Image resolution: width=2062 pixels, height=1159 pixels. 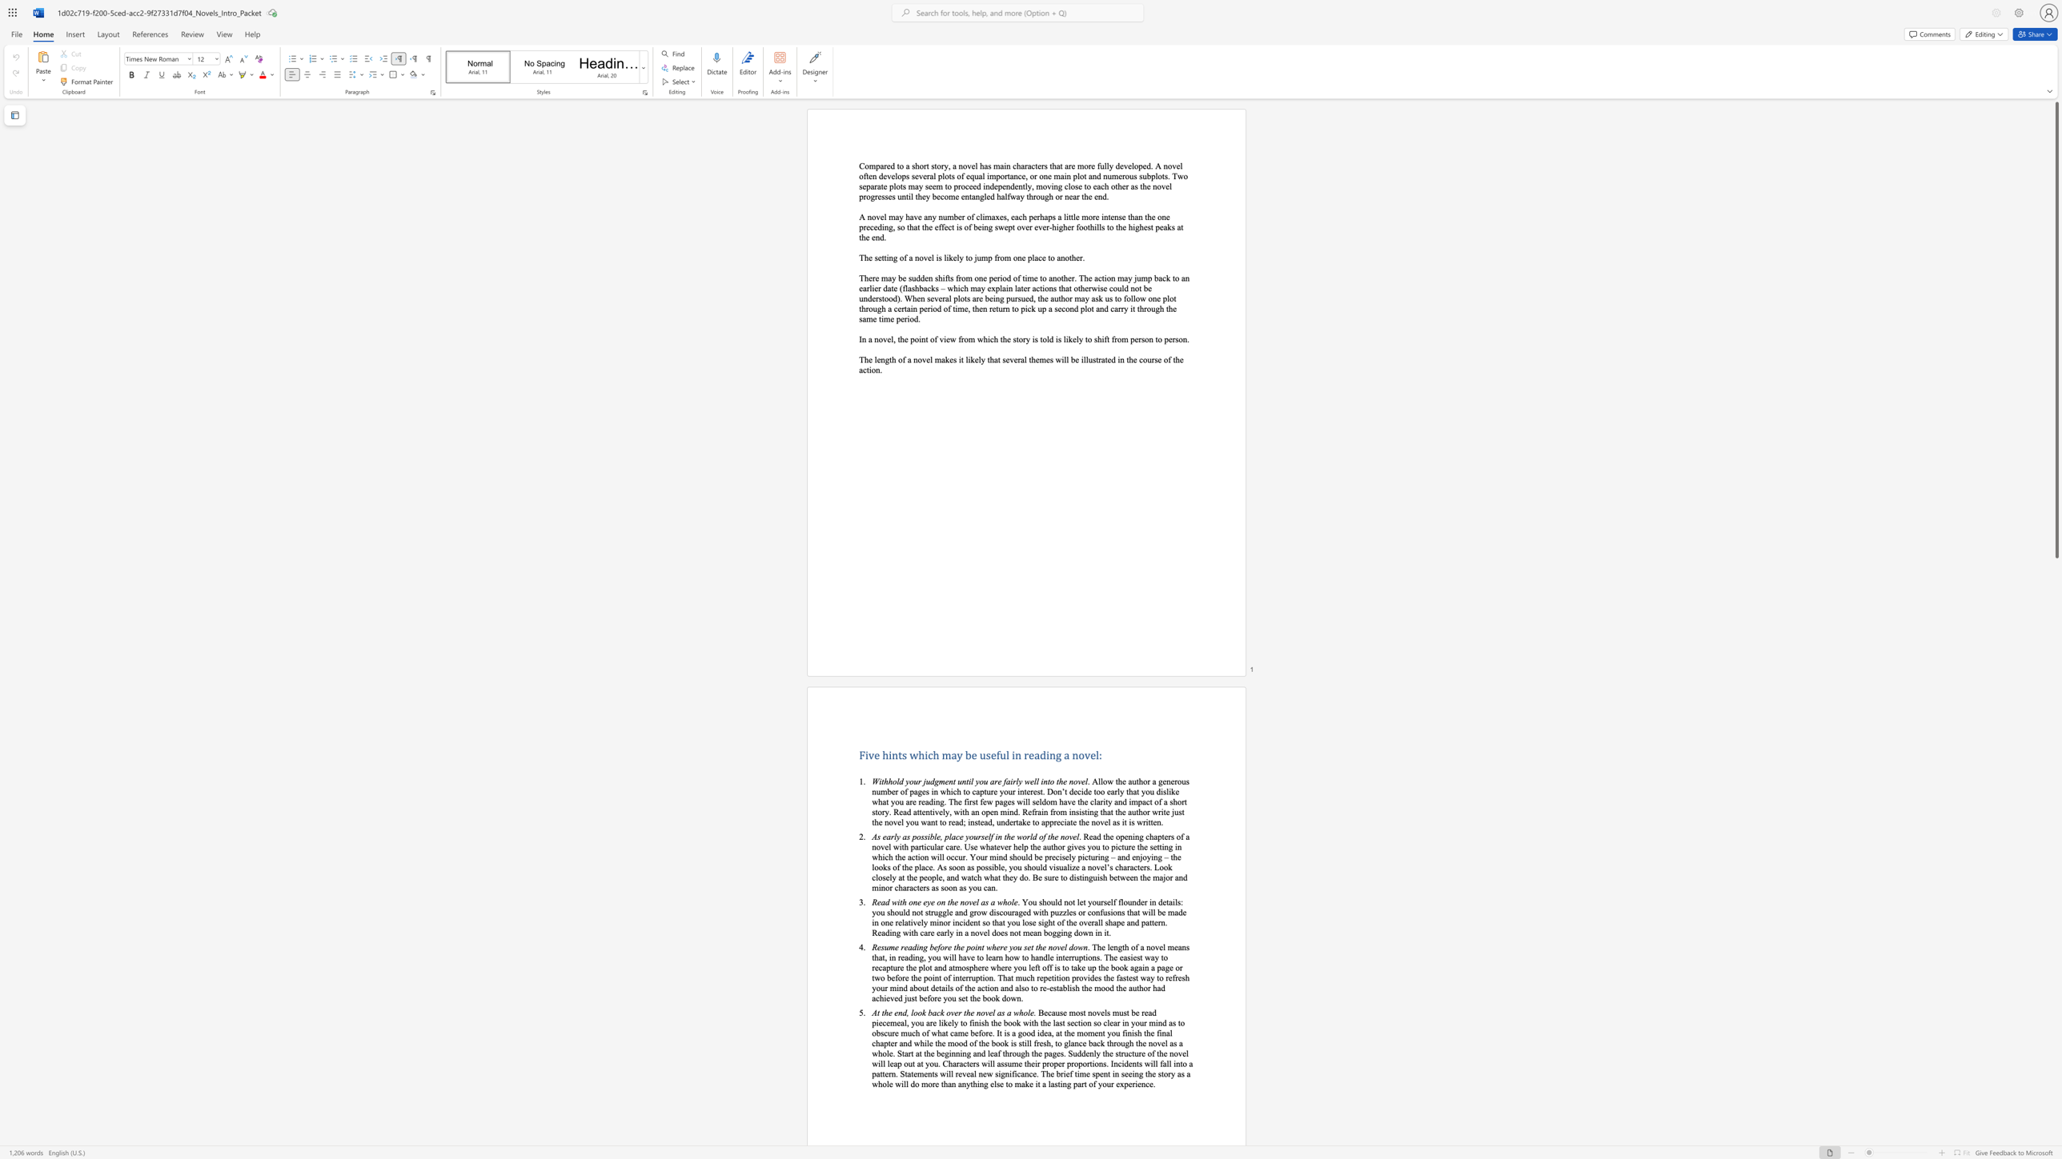 What do you see at coordinates (881, 359) in the screenshot?
I see `the subset text "ngth of a novel makes it likely that several themes will be illustrated in" within the text "The length of a novel makes it likely that several themes will be illustrated in the course of the action."` at bounding box center [881, 359].